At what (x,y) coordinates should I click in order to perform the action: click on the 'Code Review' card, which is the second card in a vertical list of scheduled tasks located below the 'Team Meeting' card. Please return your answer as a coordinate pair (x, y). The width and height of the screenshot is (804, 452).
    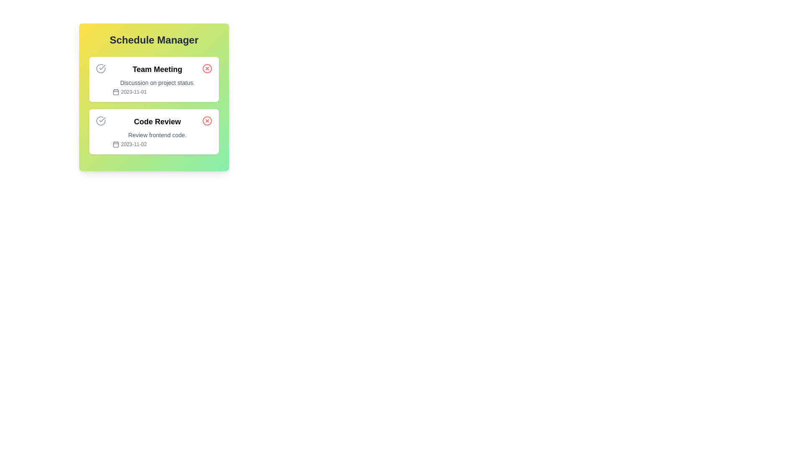
    Looking at the image, I should click on (154, 131).